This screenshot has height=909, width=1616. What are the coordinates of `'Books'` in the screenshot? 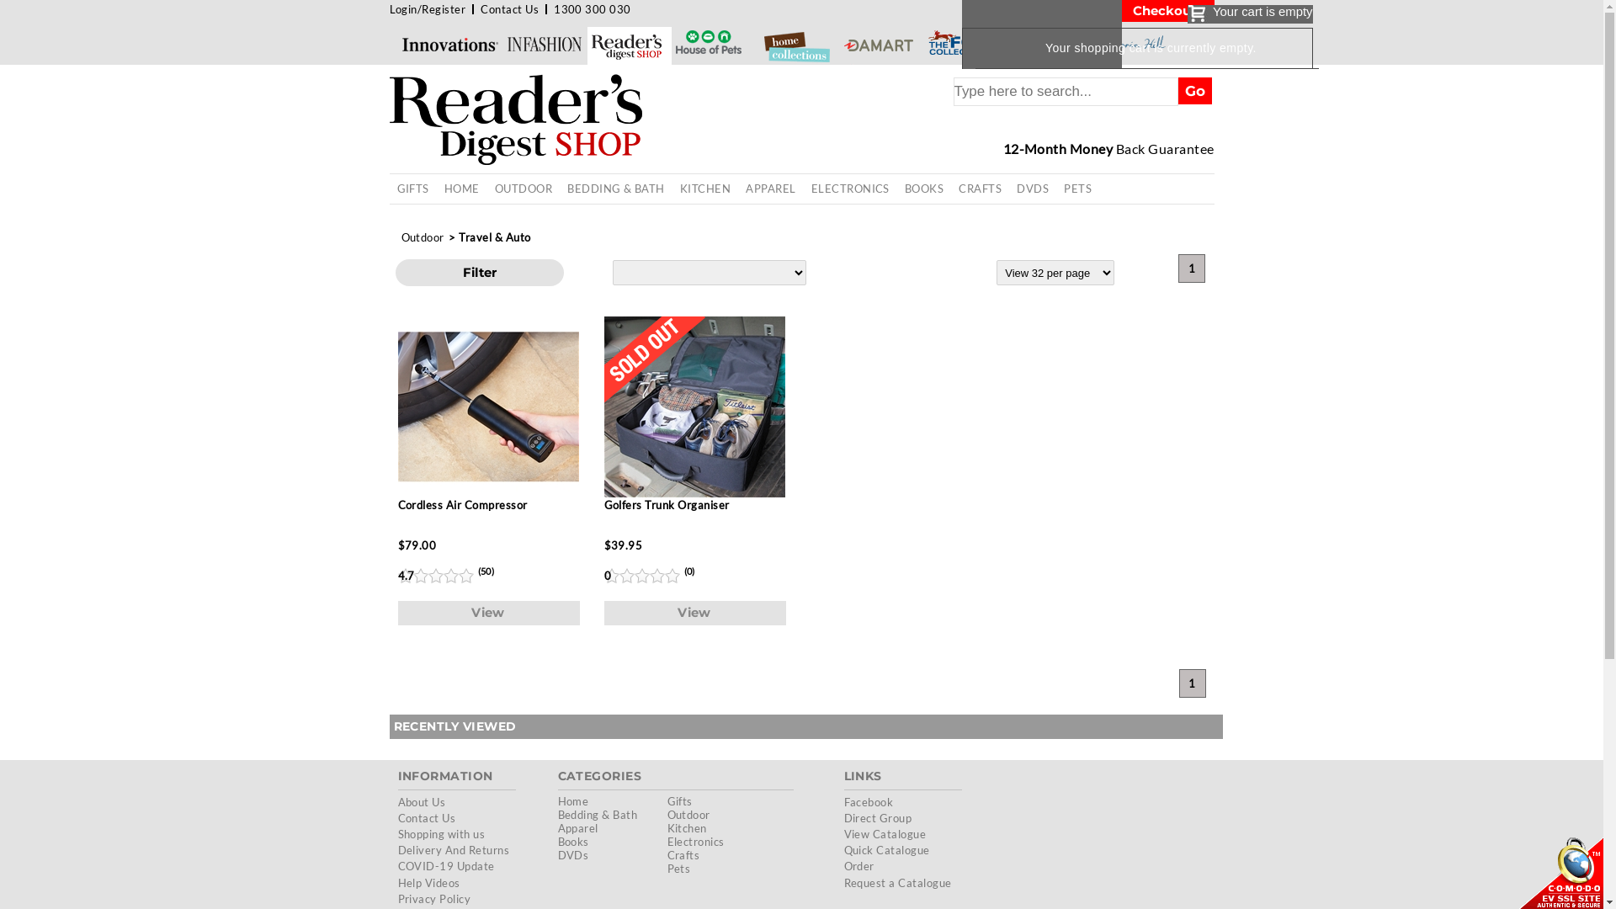 It's located at (572, 841).